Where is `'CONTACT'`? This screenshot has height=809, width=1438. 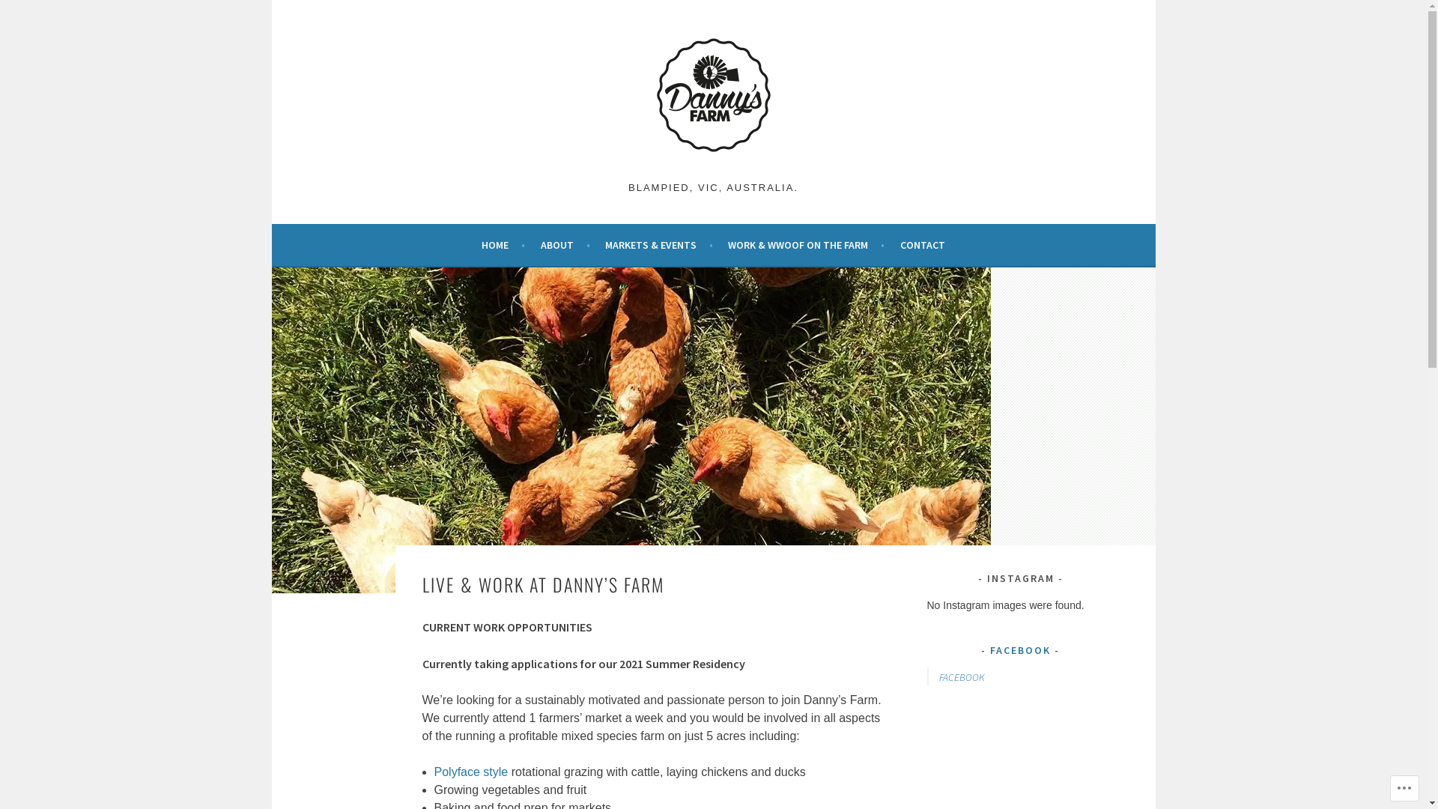 'CONTACT' is located at coordinates (922, 244).